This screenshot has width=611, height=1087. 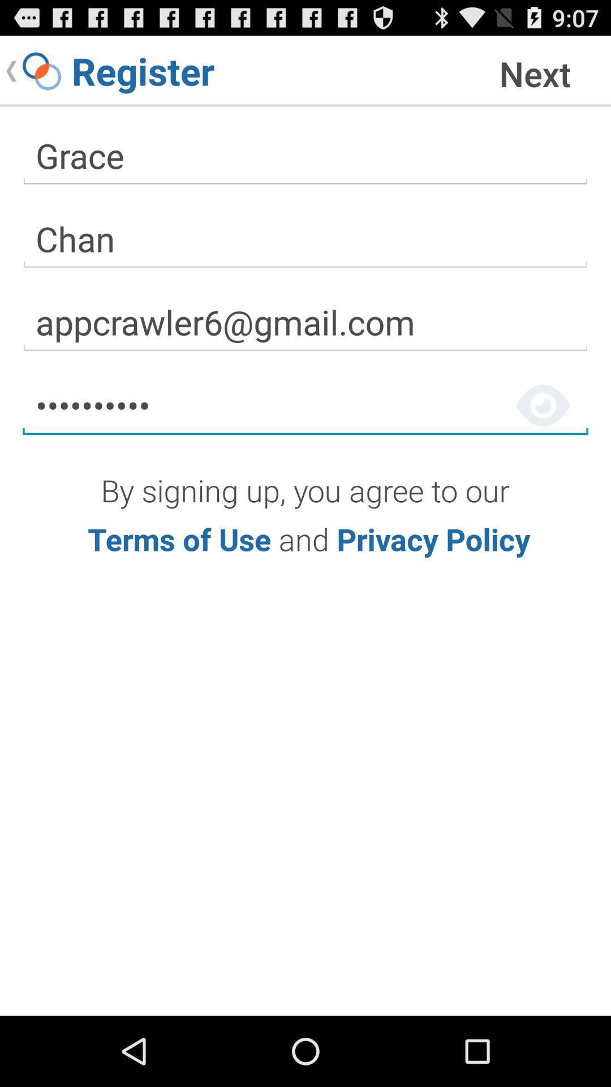 I want to click on the text field written as chan, so click(x=305, y=238).